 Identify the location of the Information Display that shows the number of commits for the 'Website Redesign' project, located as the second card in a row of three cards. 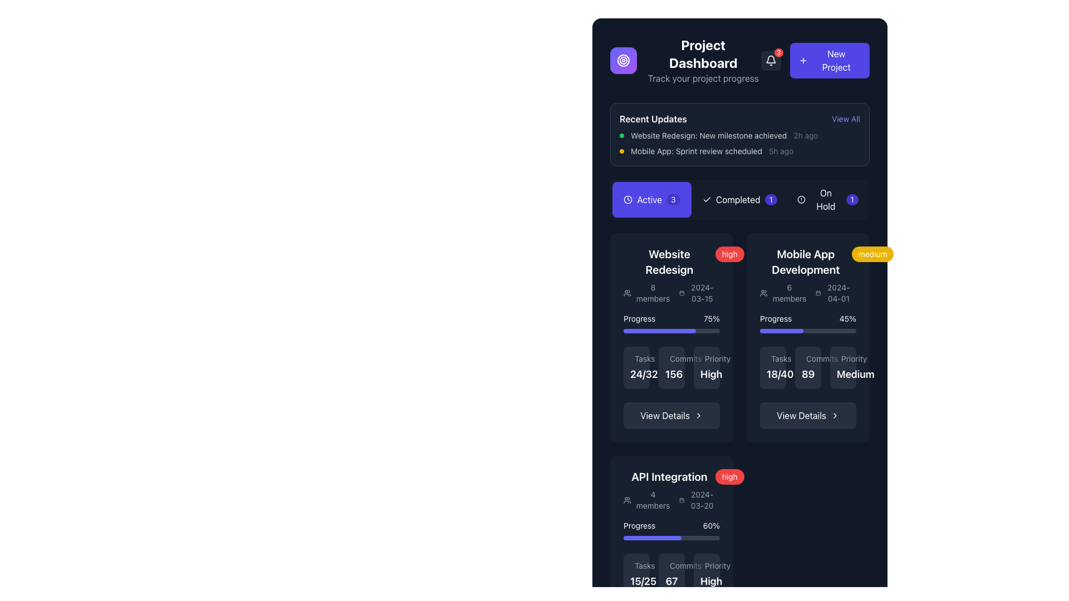
(671, 367).